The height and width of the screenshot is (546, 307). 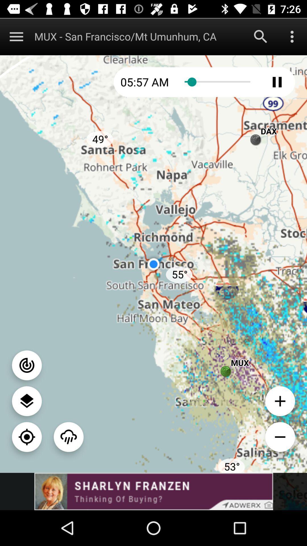 What do you see at coordinates (277, 82) in the screenshot?
I see `pause radar` at bounding box center [277, 82].